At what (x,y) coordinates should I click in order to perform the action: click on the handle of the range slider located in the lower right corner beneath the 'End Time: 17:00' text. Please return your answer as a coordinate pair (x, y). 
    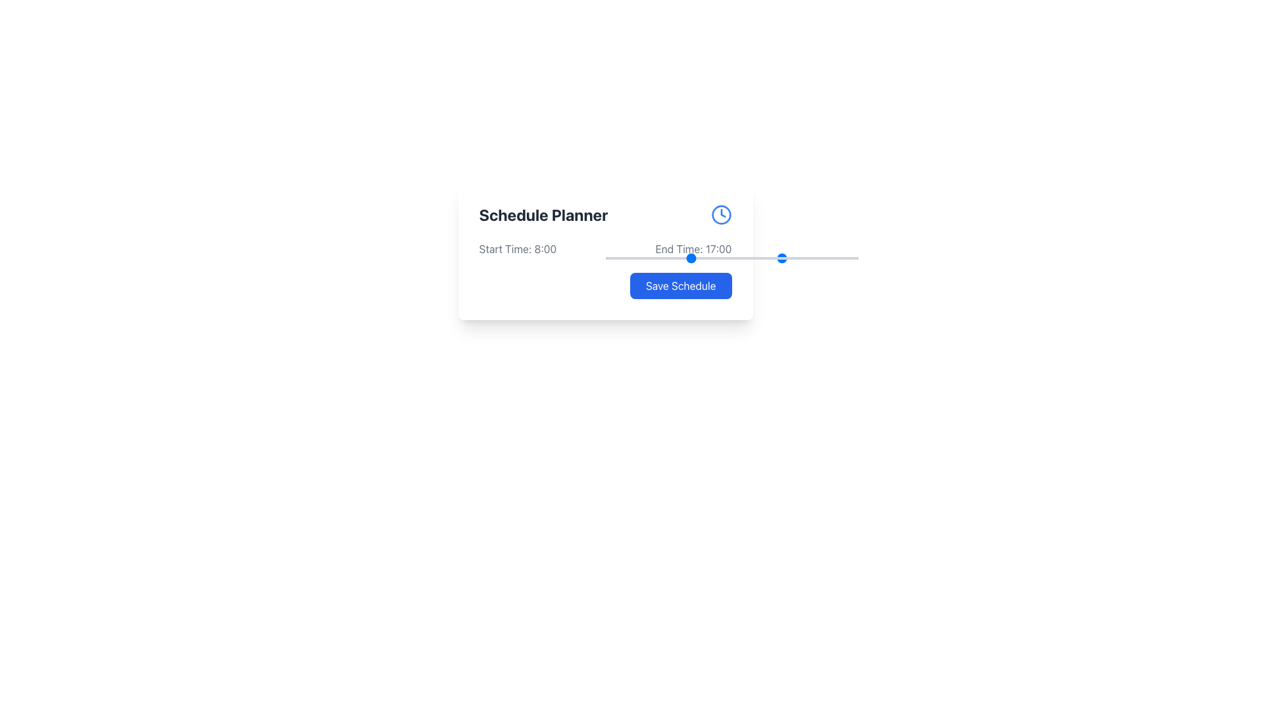
    Looking at the image, I should click on (731, 258).